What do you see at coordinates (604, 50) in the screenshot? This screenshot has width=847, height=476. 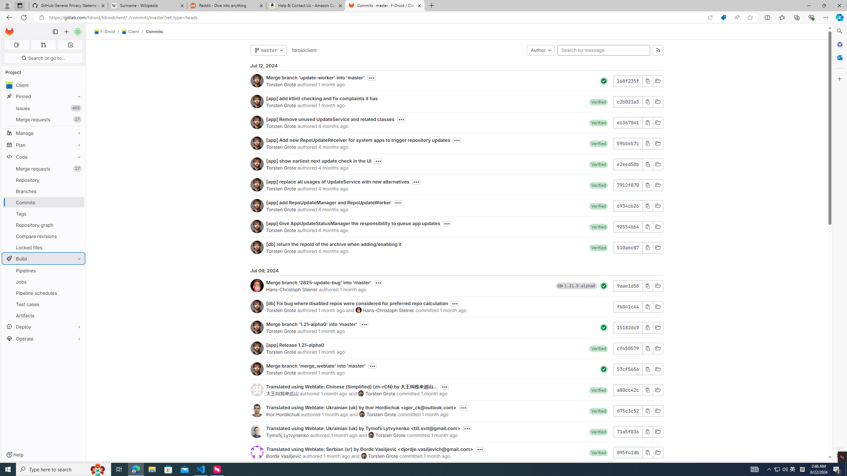 I see `'Search by message'` at bounding box center [604, 50].